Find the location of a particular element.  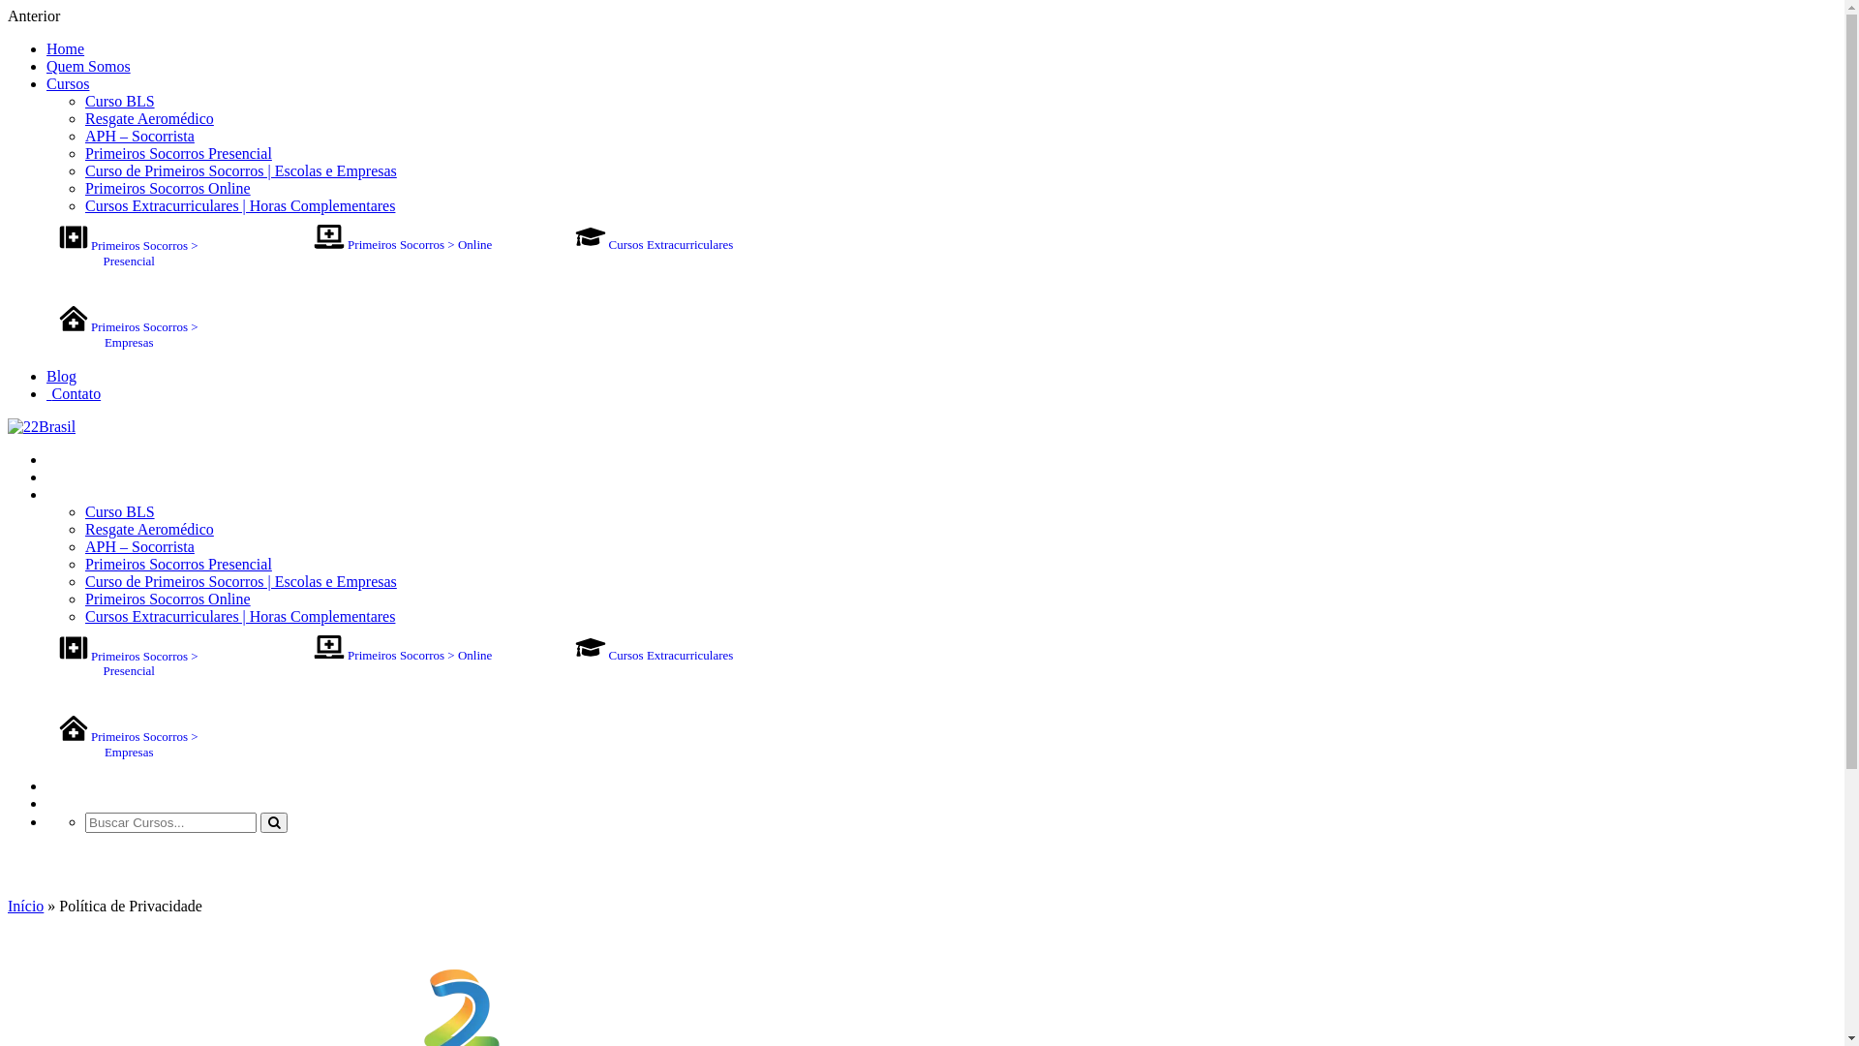

'Cursos' is located at coordinates (46, 82).